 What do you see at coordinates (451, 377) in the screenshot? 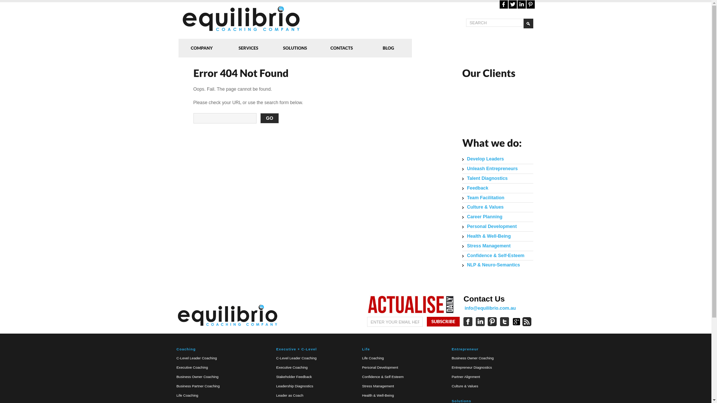
I see `'Partner Alignment'` at bounding box center [451, 377].